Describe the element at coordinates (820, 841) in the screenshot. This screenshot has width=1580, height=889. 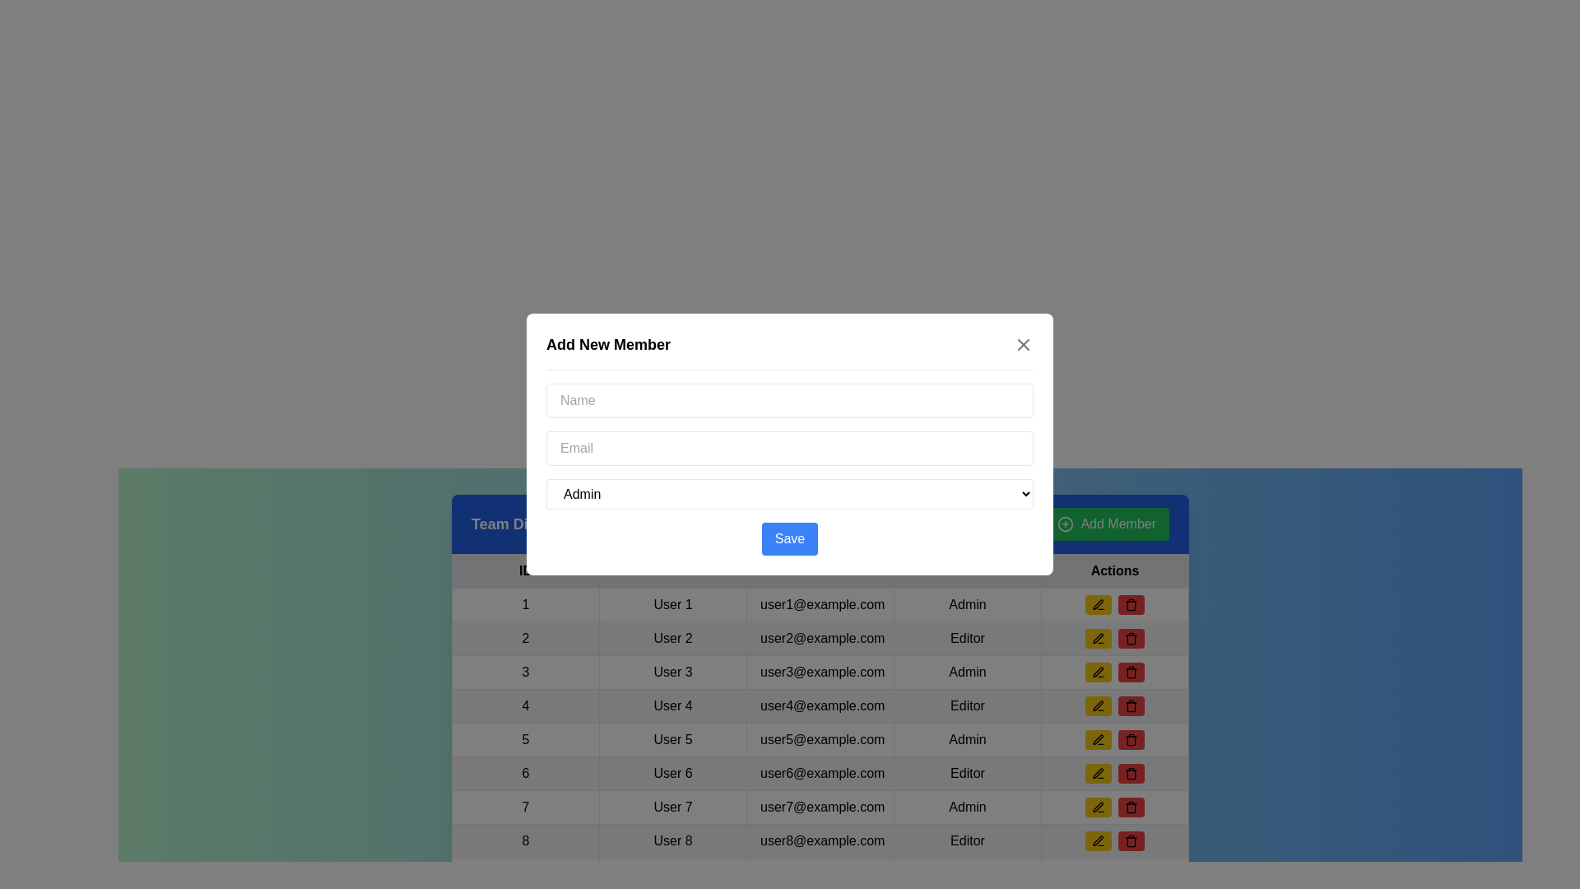
I see `the eighth row of the user details table` at that location.